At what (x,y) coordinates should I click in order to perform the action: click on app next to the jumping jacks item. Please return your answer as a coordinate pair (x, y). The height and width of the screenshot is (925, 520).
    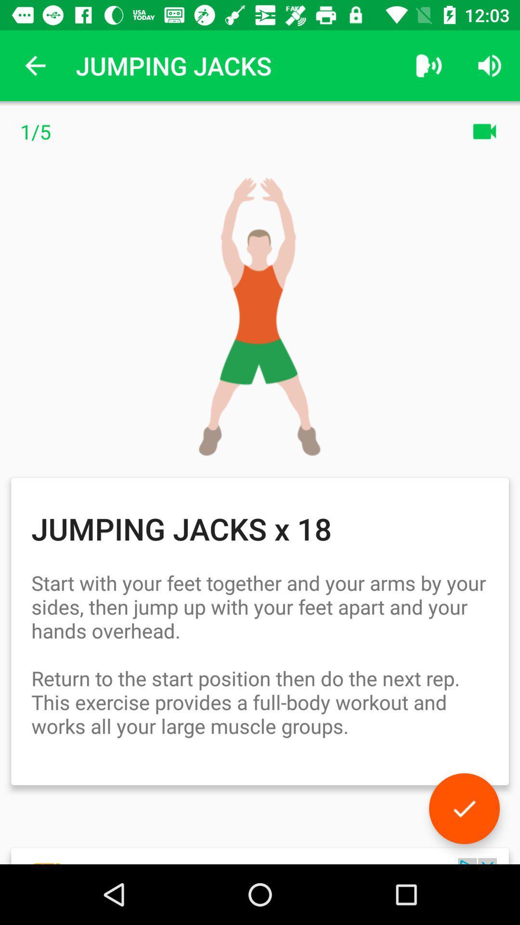
    Looking at the image, I should click on (429, 65).